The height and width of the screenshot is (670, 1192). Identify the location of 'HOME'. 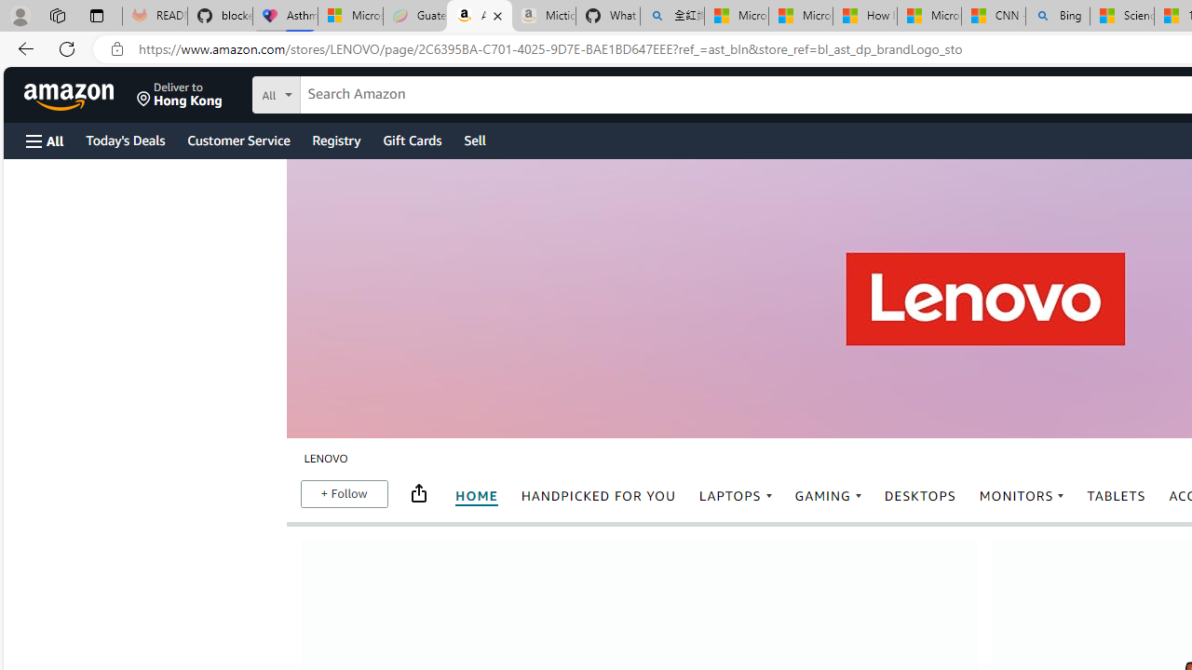
(477, 495).